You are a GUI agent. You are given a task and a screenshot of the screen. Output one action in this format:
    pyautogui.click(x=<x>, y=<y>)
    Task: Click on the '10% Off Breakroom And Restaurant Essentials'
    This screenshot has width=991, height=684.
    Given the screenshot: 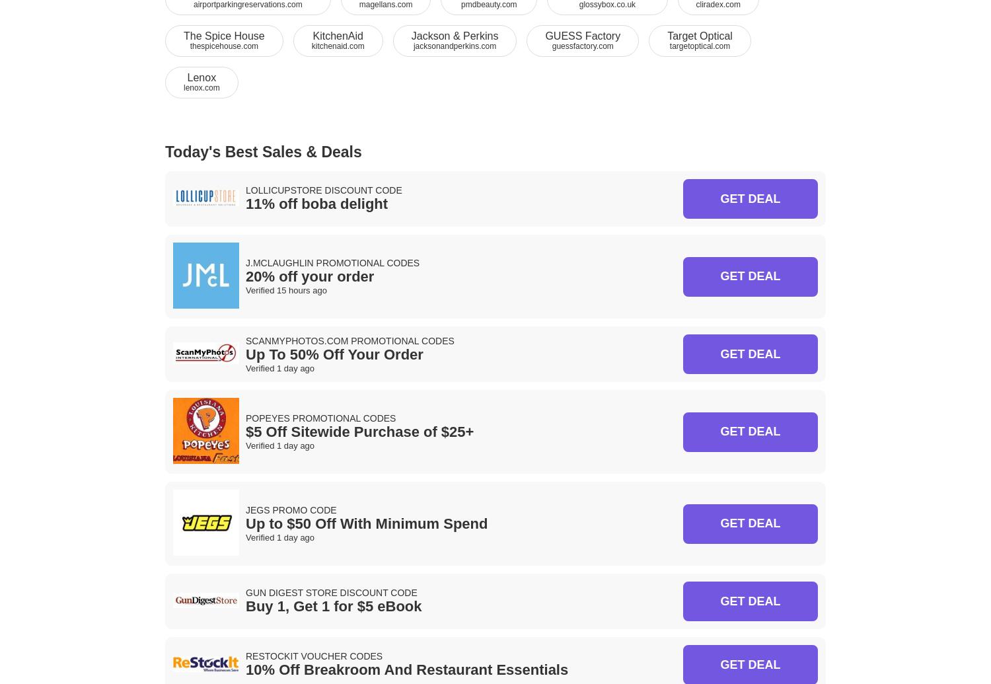 What is the action you would take?
    pyautogui.click(x=406, y=669)
    